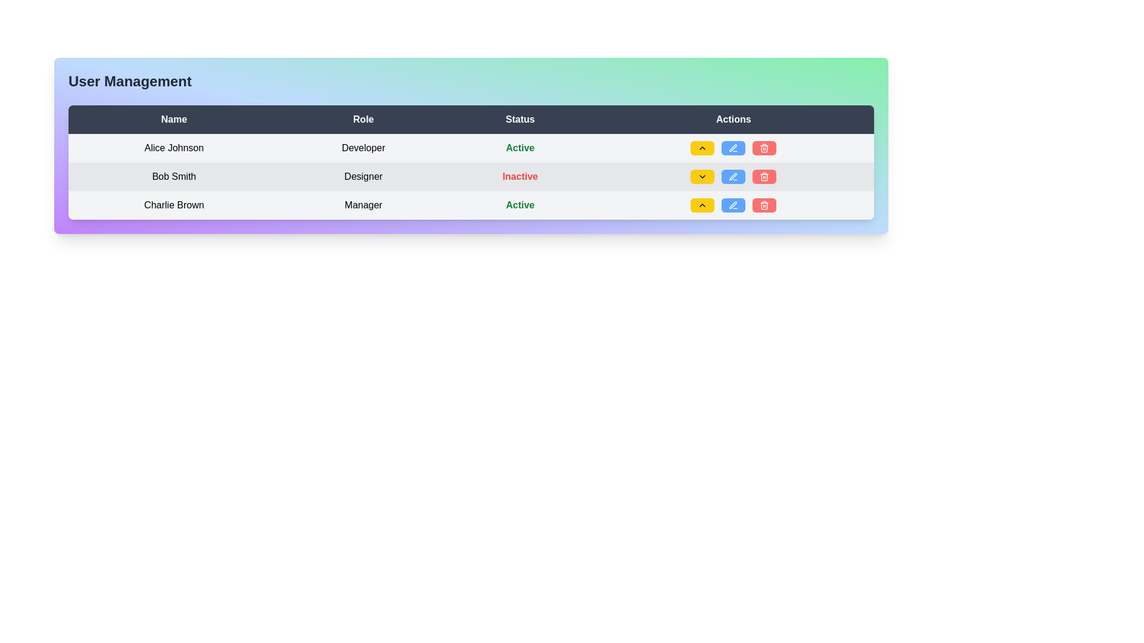  I want to click on the Text content component displaying 'Charlie Brown' in the user information table, which is the first element under the 'Name' column, so click(173, 204).